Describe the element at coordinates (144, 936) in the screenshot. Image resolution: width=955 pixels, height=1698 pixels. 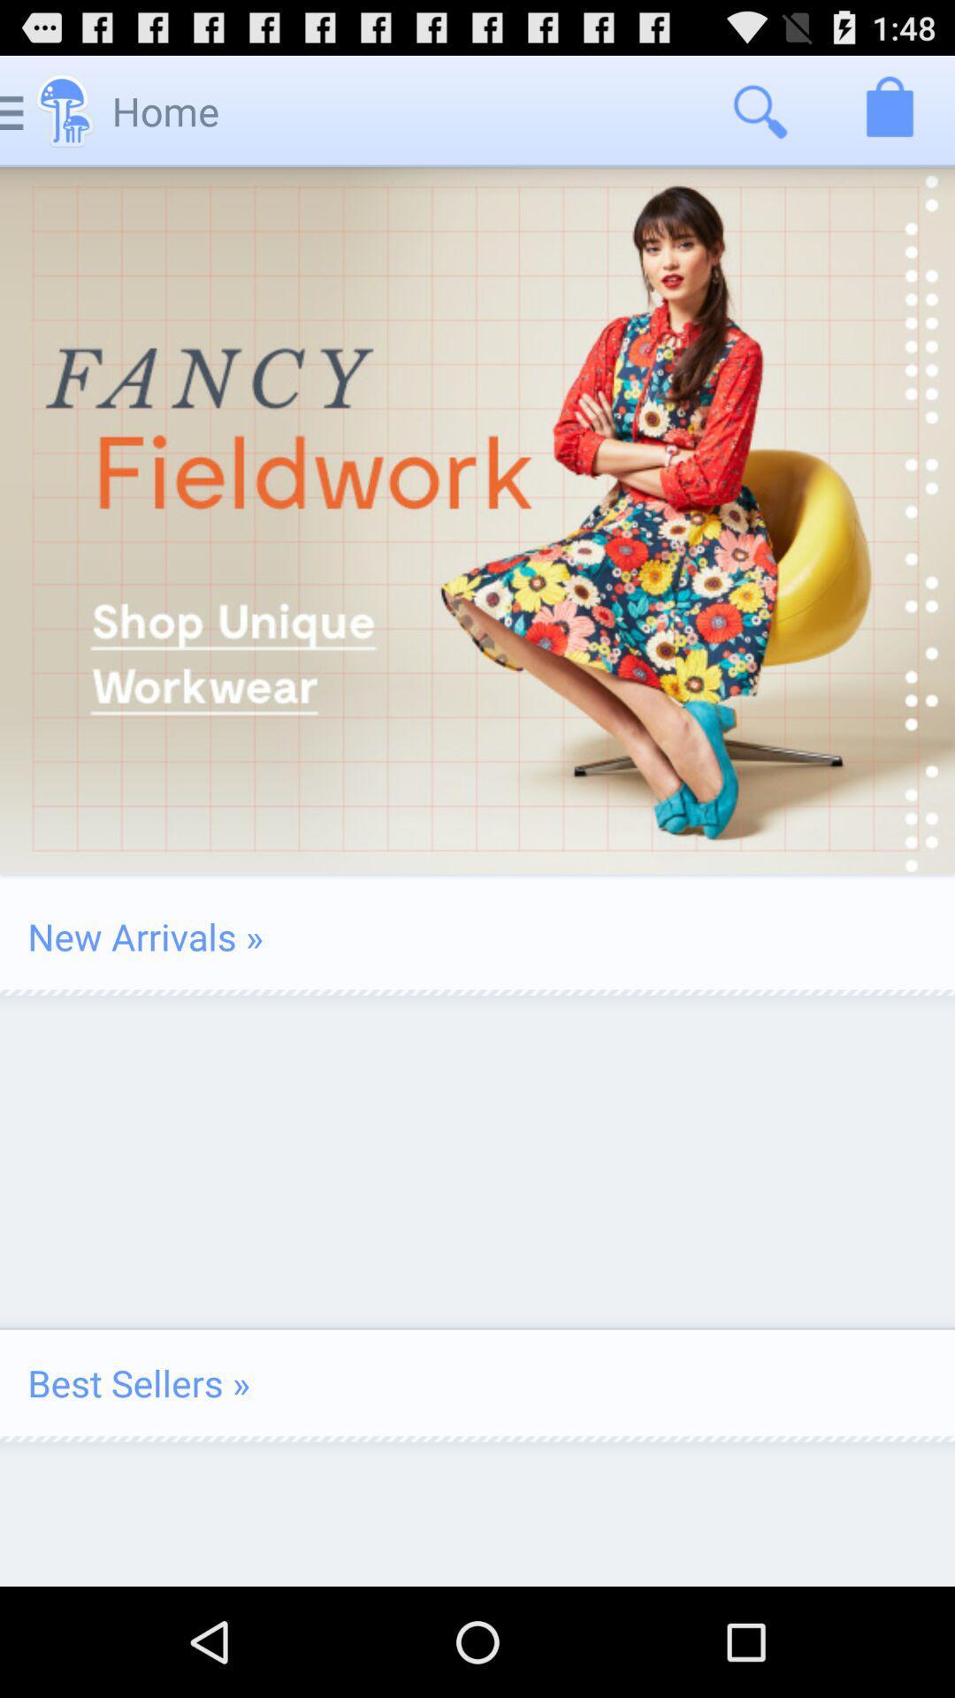
I see `icon on the left` at that location.